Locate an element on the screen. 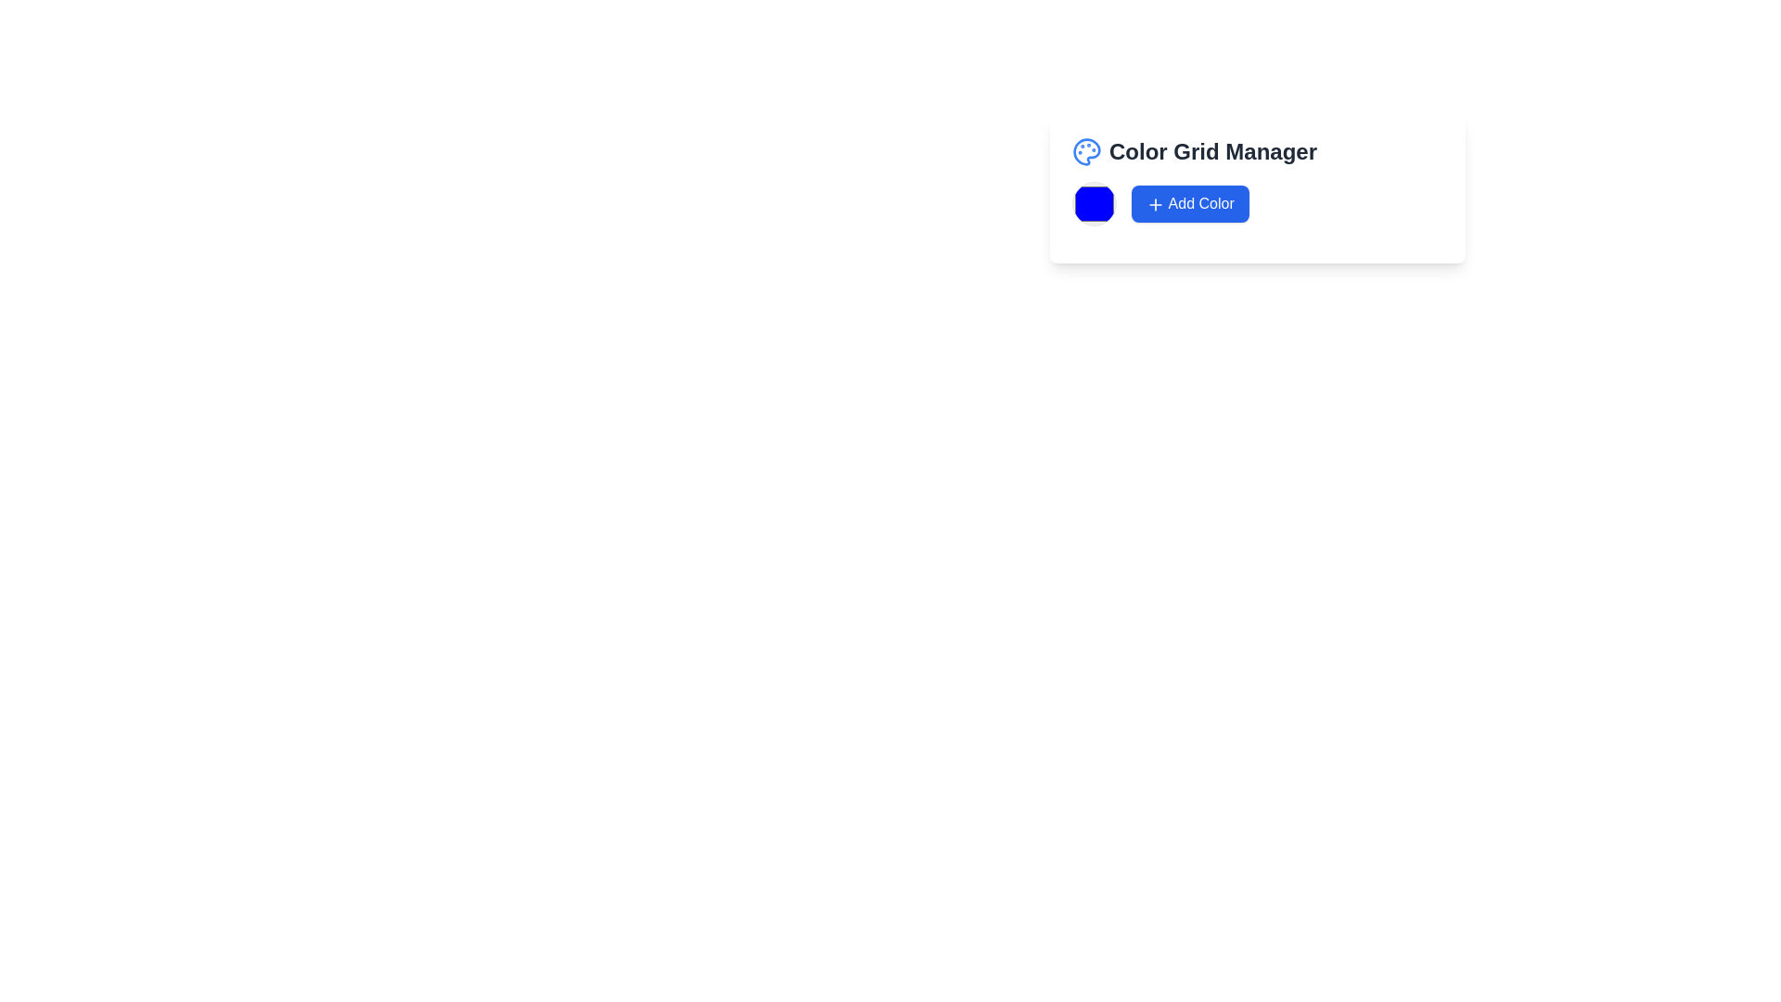 This screenshot has height=1002, width=1781. the '+' icon located centrally within the blue rectangular button labeled 'Add Color' to initiate the addition action is located at coordinates (1155, 204).